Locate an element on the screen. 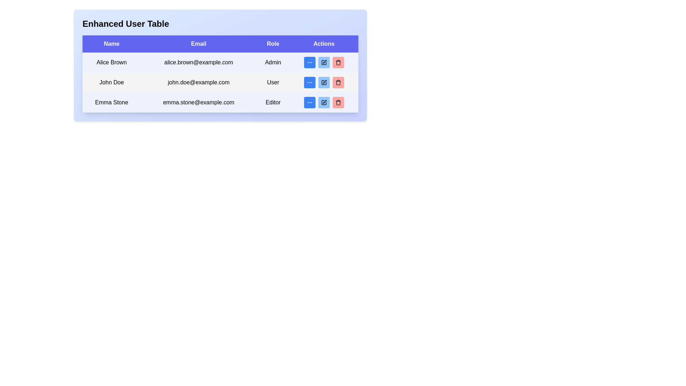 The height and width of the screenshot is (386, 686). the pen-shaped icon button with a black outline located in the third row of the table, to the left of the trash bin icon is located at coordinates (323, 102).